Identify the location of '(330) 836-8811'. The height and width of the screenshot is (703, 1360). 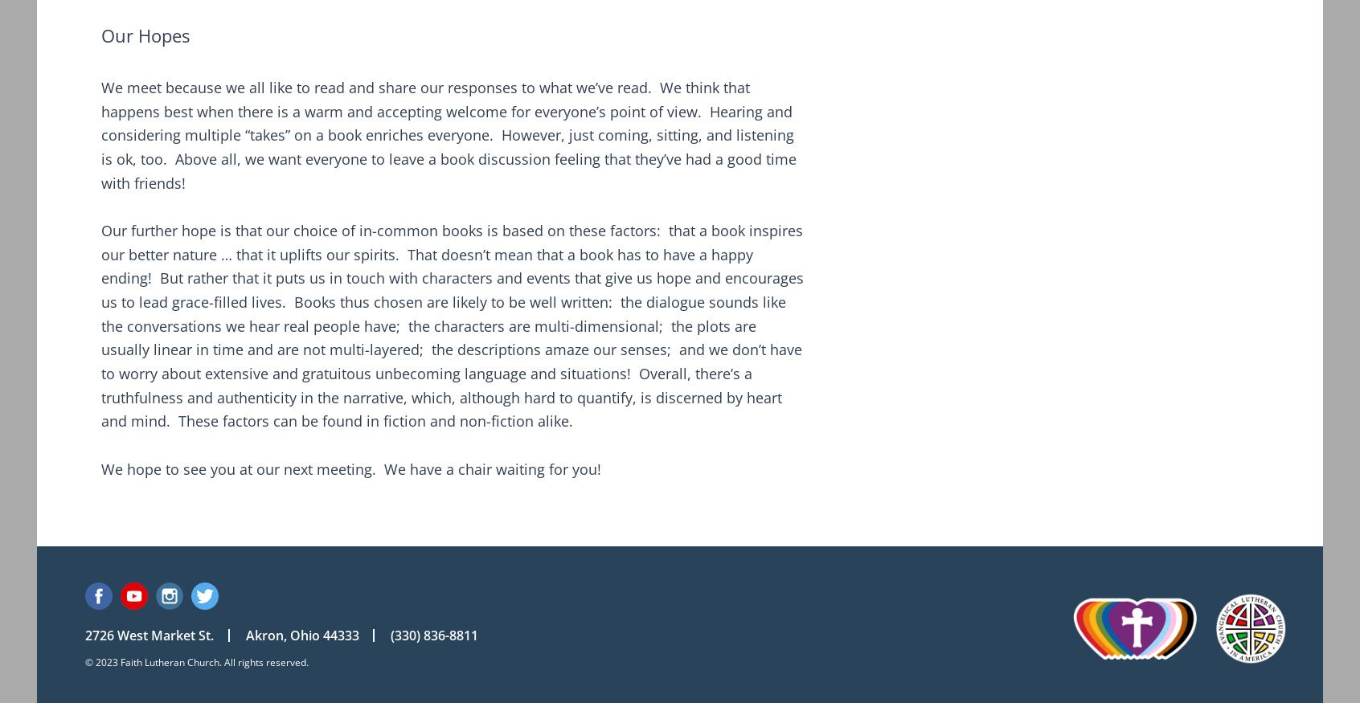
(434, 634).